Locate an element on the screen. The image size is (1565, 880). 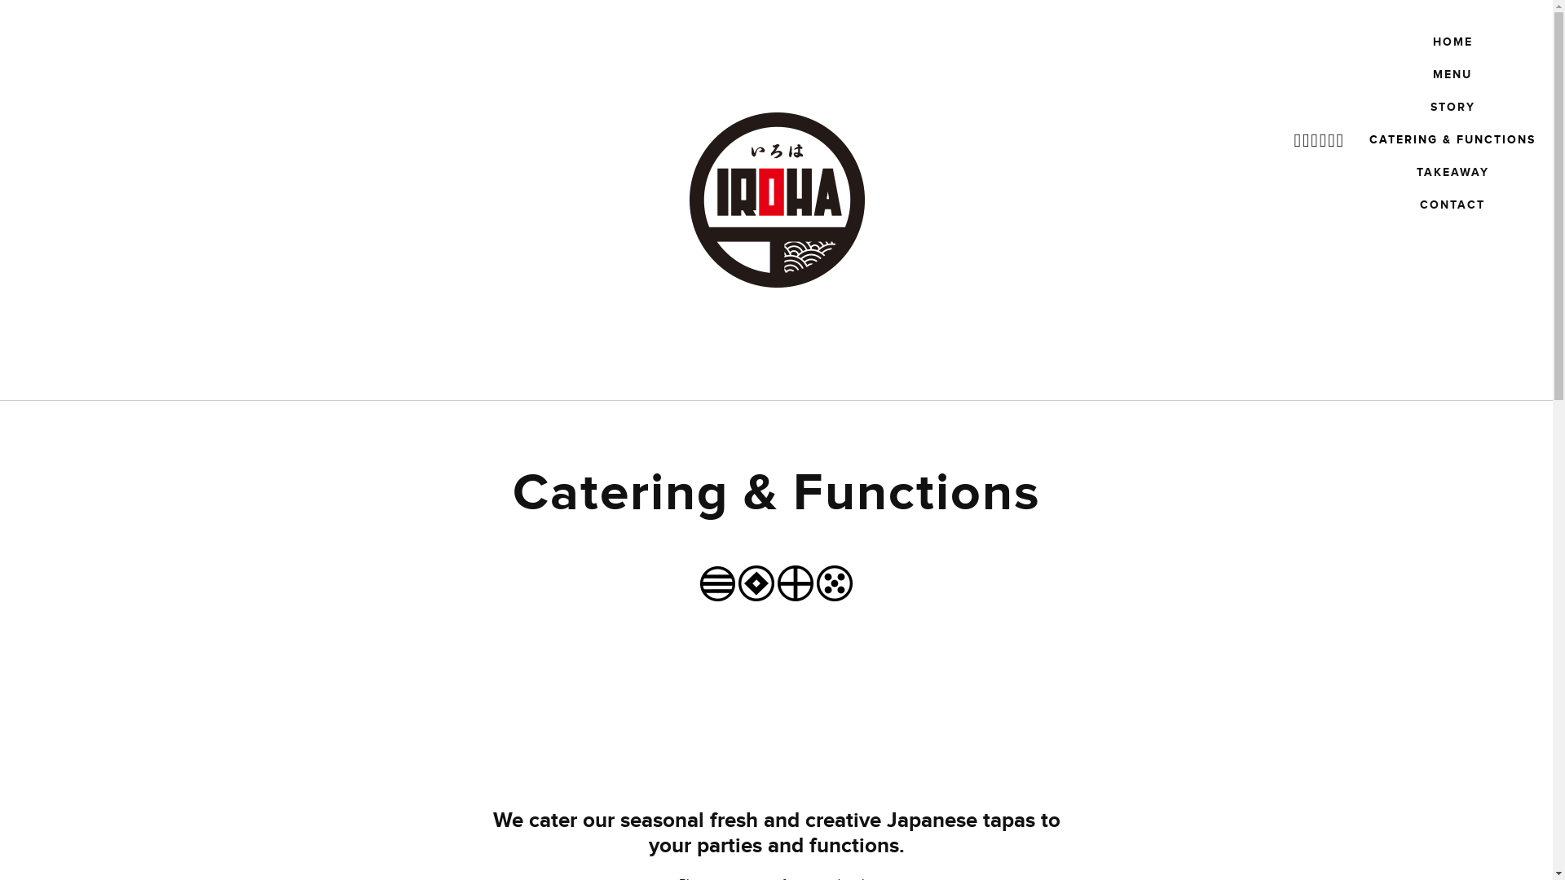
'HOME' is located at coordinates (1423, 41).